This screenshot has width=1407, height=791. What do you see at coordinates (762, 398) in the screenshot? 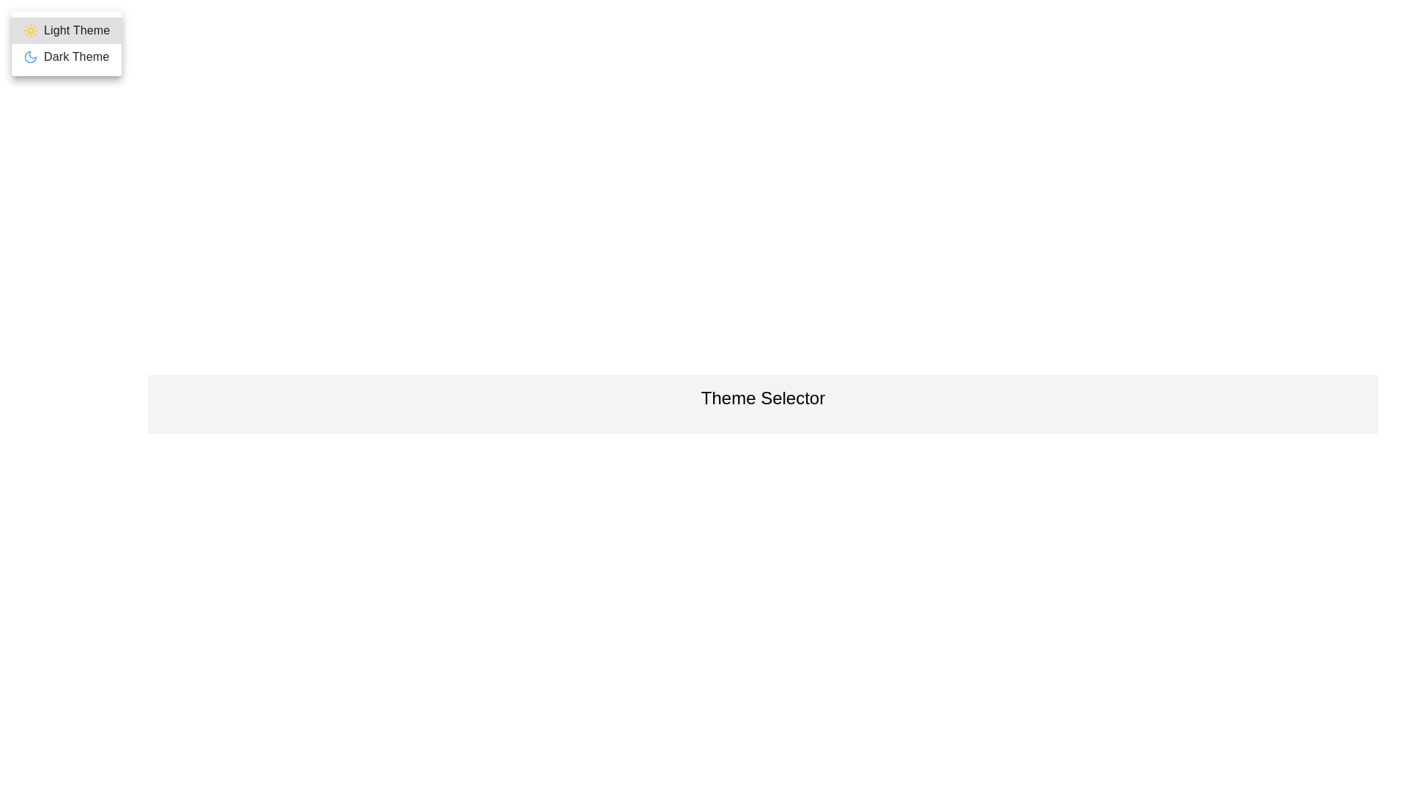
I see `the header element labeled 'Theme Selector', which is prominently styled in bold and located at the center of a light gray background` at bounding box center [762, 398].